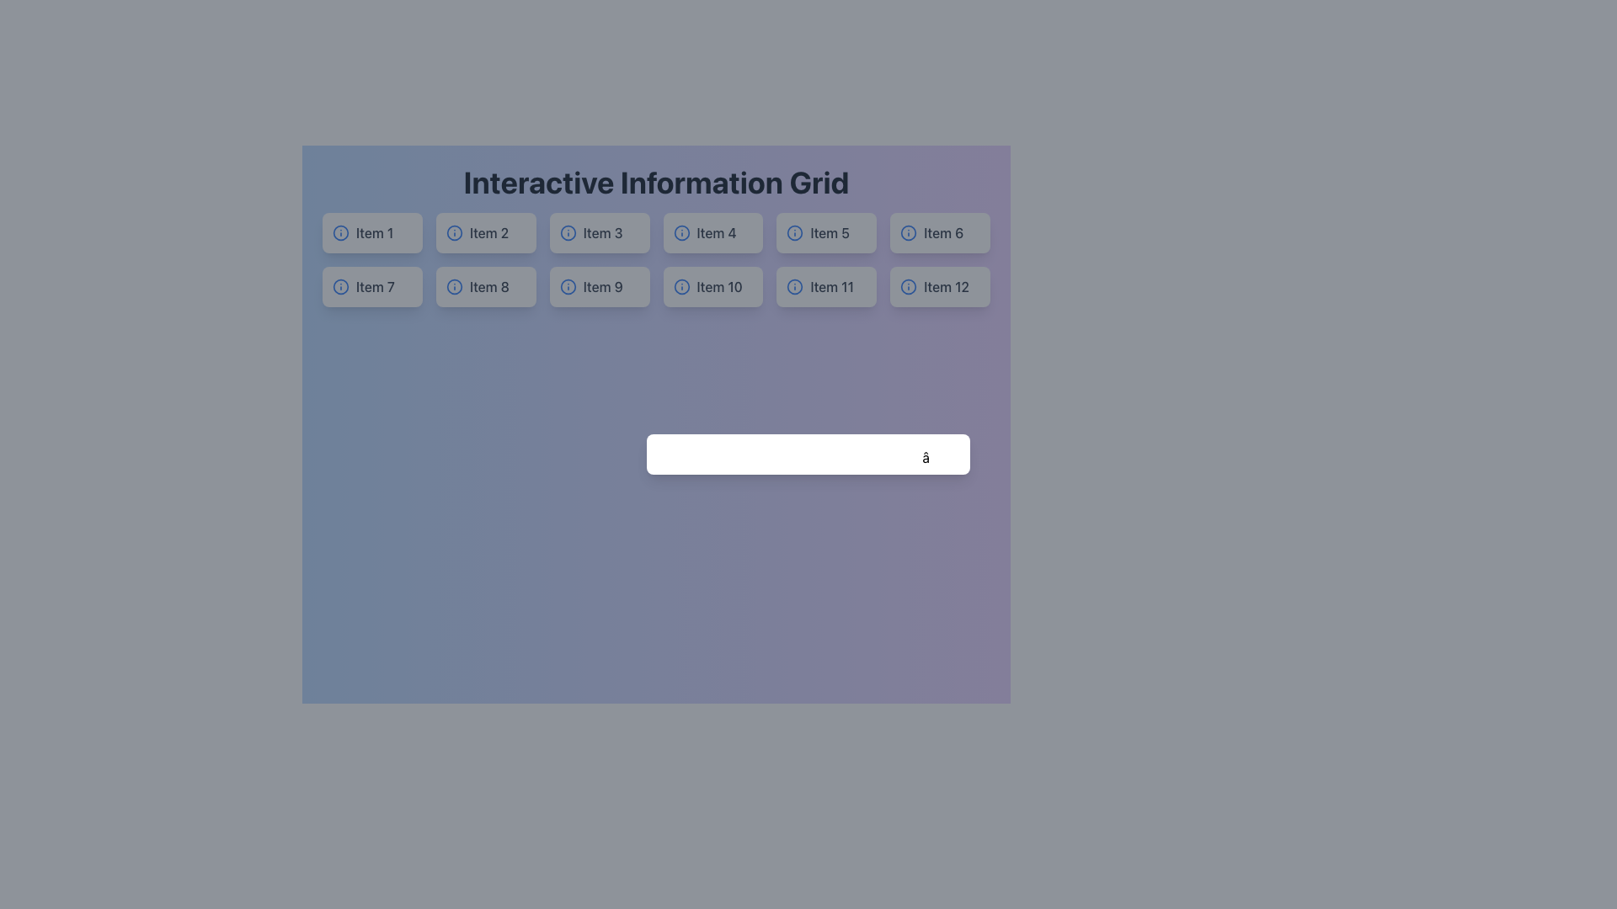 Image resolution: width=1617 pixels, height=909 pixels. What do you see at coordinates (712, 285) in the screenshot?
I see `the selectable card labeled 'Item 10' located in the second row, fourth column of the grid layout` at bounding box center [712, 285].